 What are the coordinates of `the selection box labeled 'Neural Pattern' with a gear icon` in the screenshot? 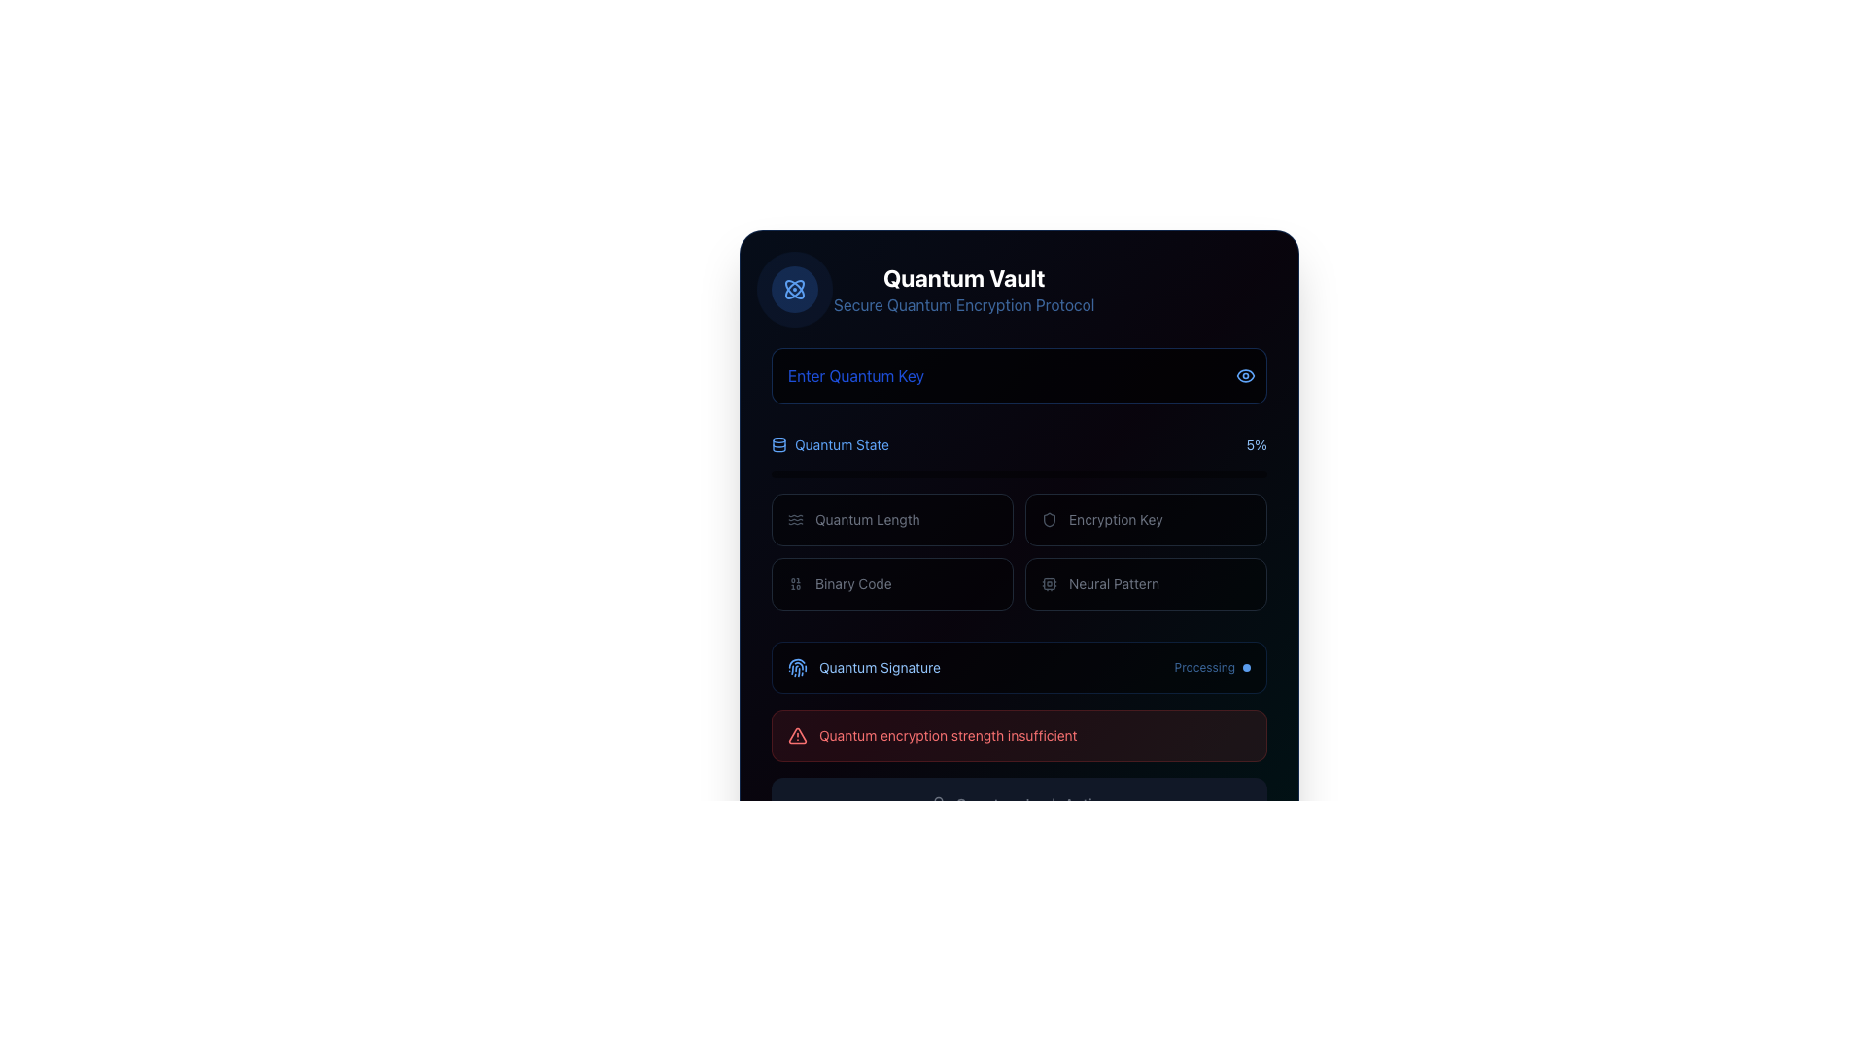 It's located at (1146, 583).